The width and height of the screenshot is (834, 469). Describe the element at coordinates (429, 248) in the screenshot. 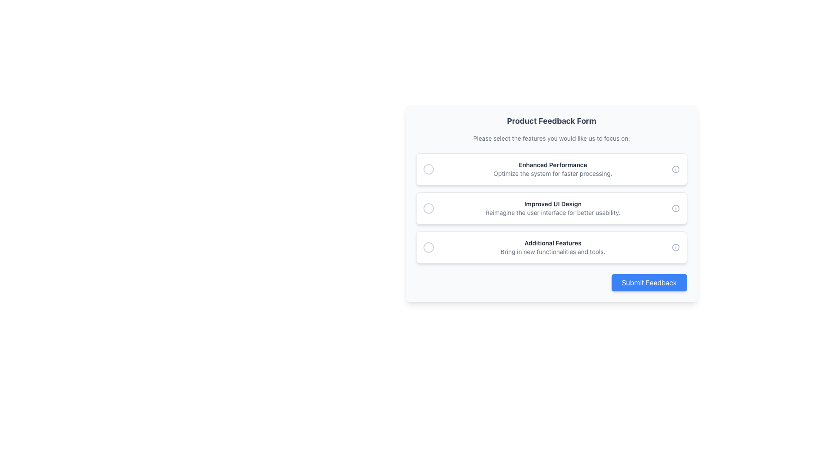

I see `the first radio button within the 'Additional Features' section` at that location.